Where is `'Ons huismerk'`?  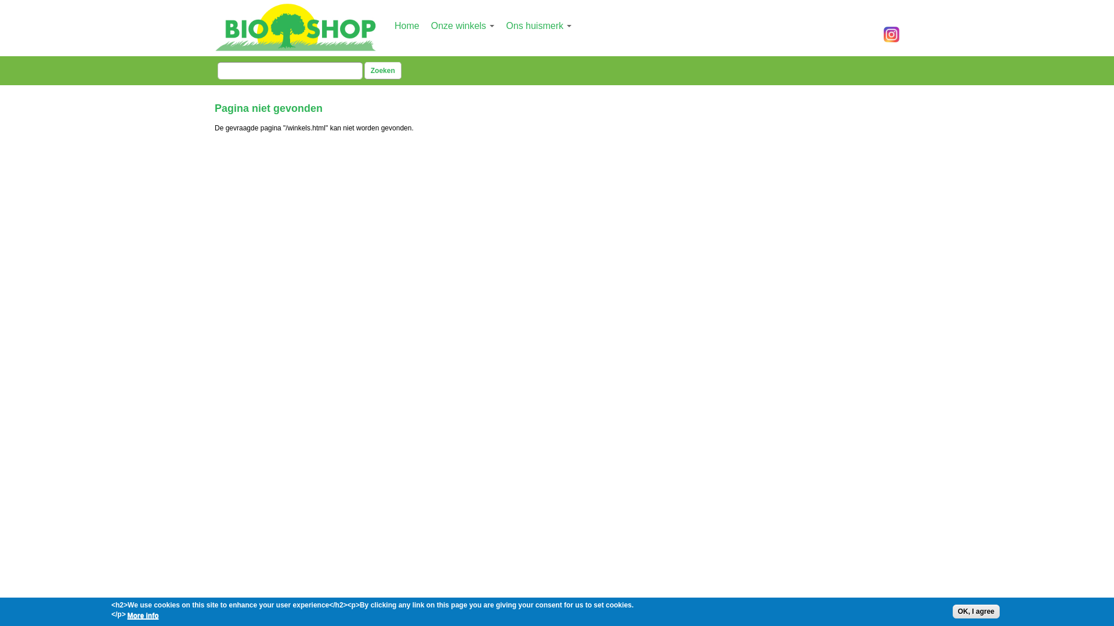
'Ons huismerk' is located at coordinates (538, 26).